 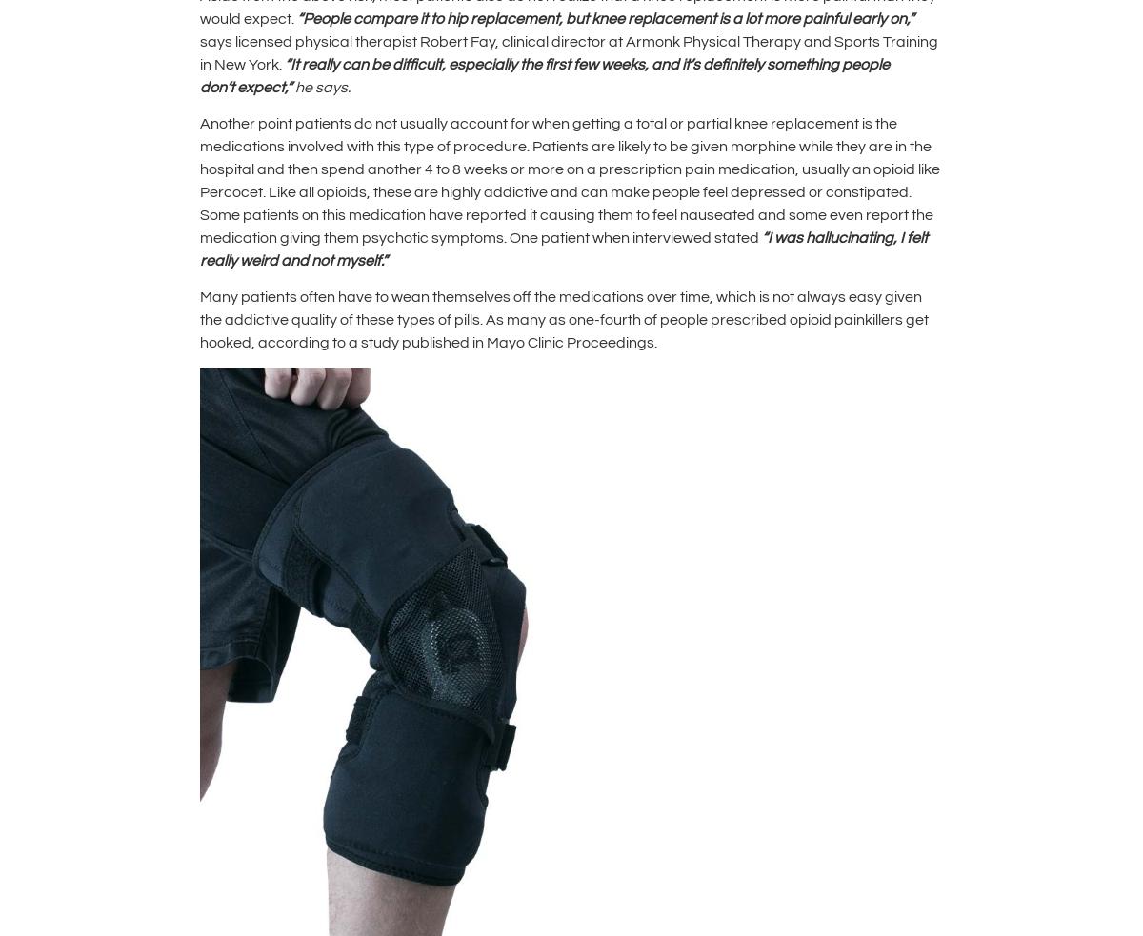 I want to click on 'and not myself.”', so click(x=334, y=259).